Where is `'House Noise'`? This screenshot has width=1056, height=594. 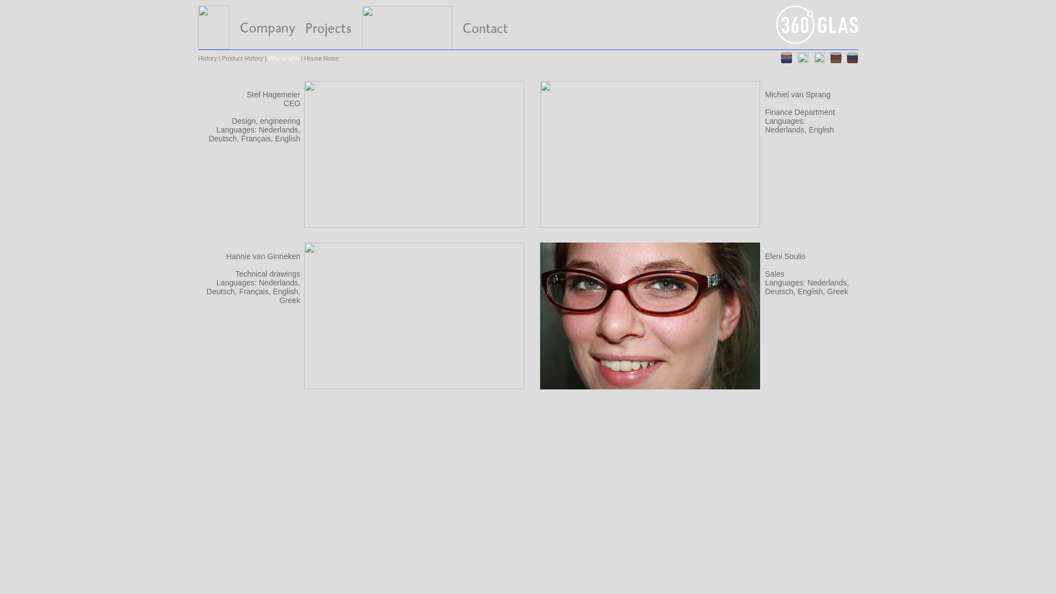
'House Noise' is located at coordinates (321, 58).